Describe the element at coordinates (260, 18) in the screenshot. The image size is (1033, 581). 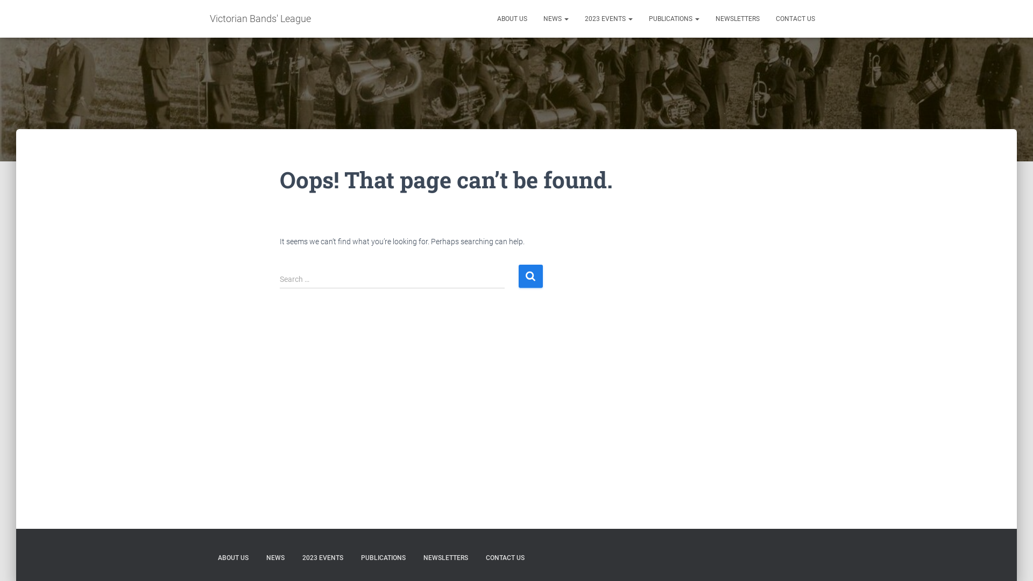
I see `'Victorian Bands' League'` at that location.